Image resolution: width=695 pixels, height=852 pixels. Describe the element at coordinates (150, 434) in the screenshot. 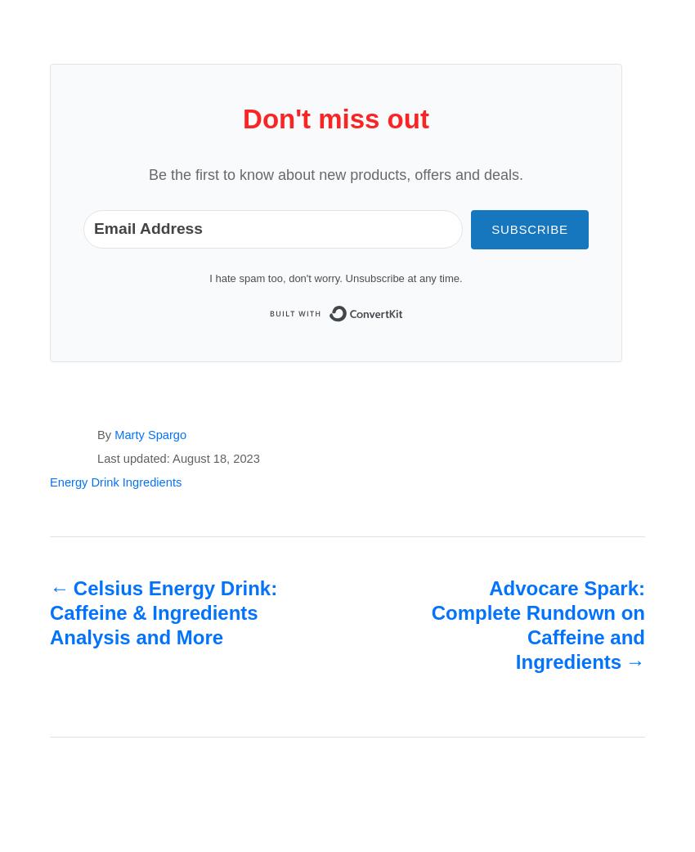

I see `'Marty Spargo'` at that location.